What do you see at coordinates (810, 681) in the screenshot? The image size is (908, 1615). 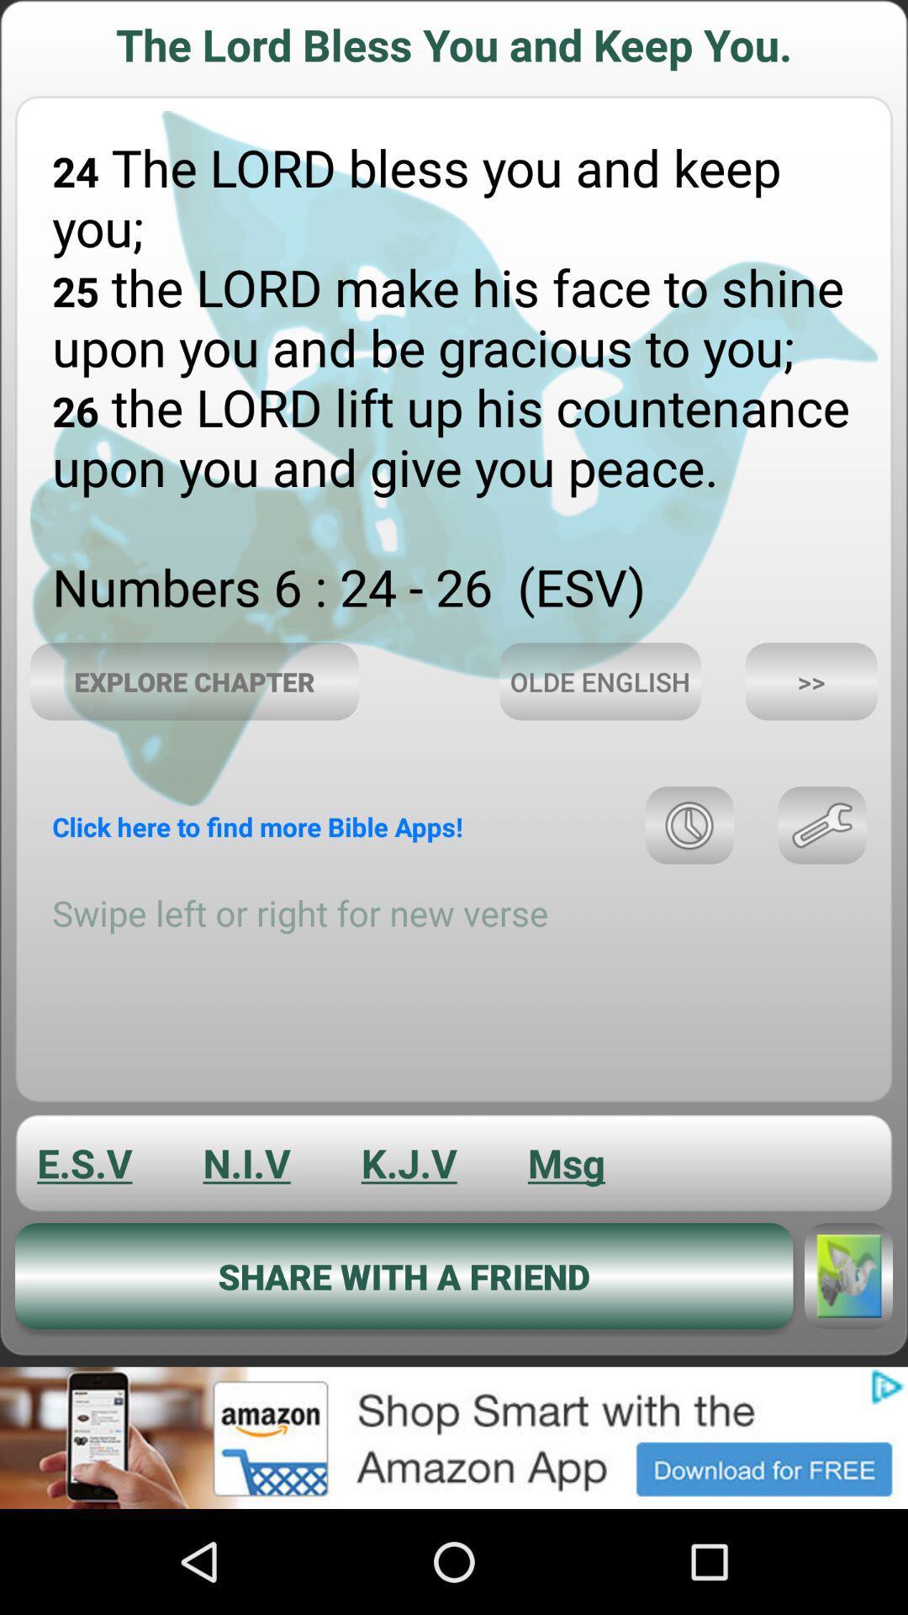 I see `the button next to olde english` at bounding box center [810, 681].